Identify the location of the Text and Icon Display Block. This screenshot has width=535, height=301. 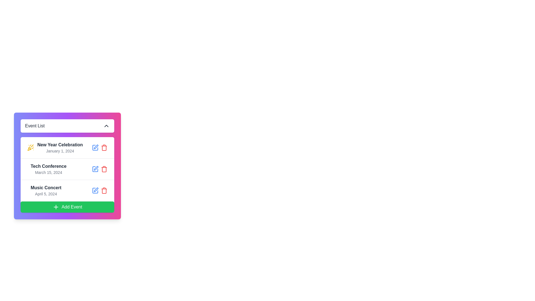
(55, 147).